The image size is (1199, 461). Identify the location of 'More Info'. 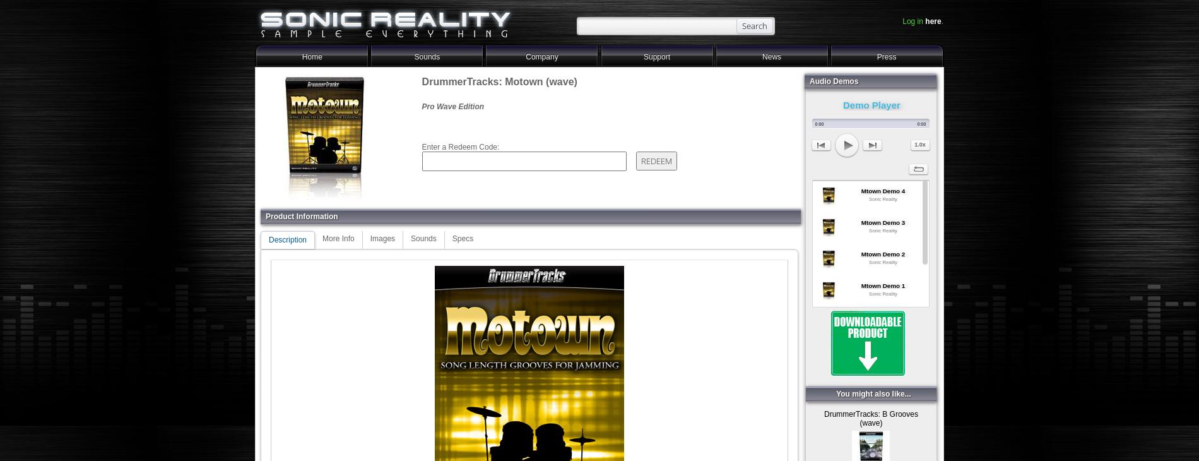
(338, 237).